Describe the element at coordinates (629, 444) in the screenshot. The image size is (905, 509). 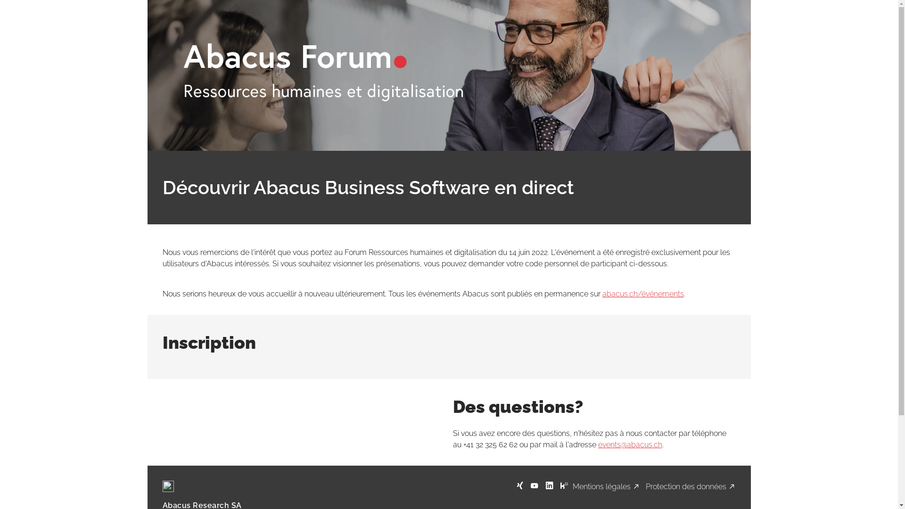
I see `'events@abacus.ch'` at that location.